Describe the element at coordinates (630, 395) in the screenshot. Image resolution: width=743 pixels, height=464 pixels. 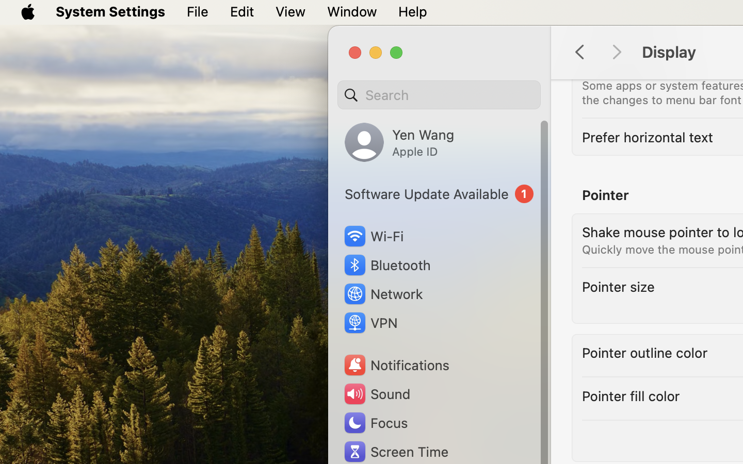
I see `'Pointer fill color'` at that location.